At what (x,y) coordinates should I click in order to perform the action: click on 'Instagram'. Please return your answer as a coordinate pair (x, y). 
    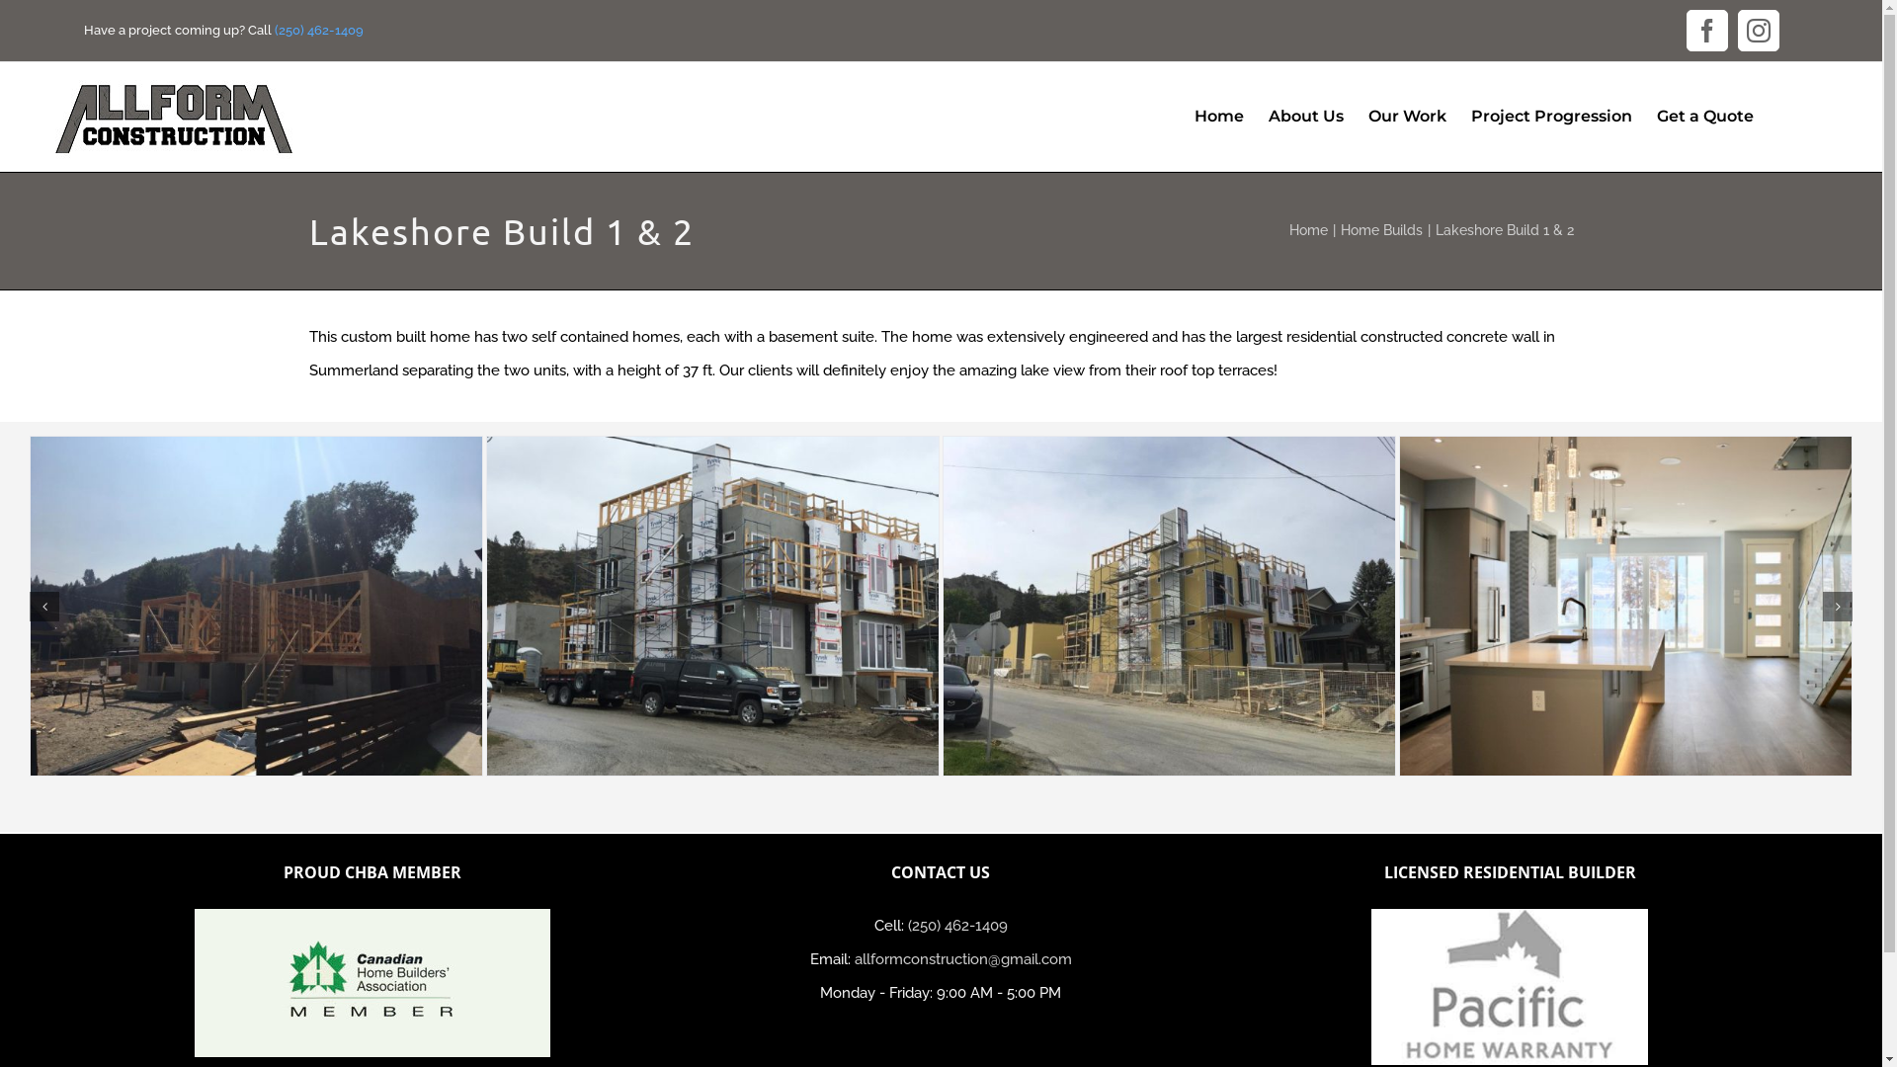
    Looking at the image, I should click on (1759, 30).